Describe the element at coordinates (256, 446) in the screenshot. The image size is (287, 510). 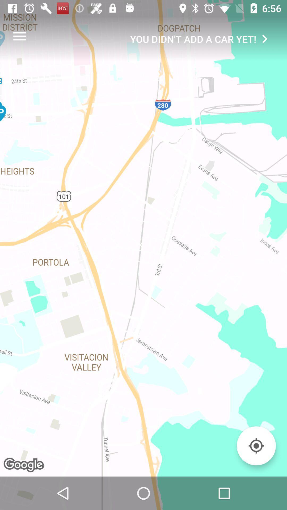
I see `the item at the bottom right corner` at that location.